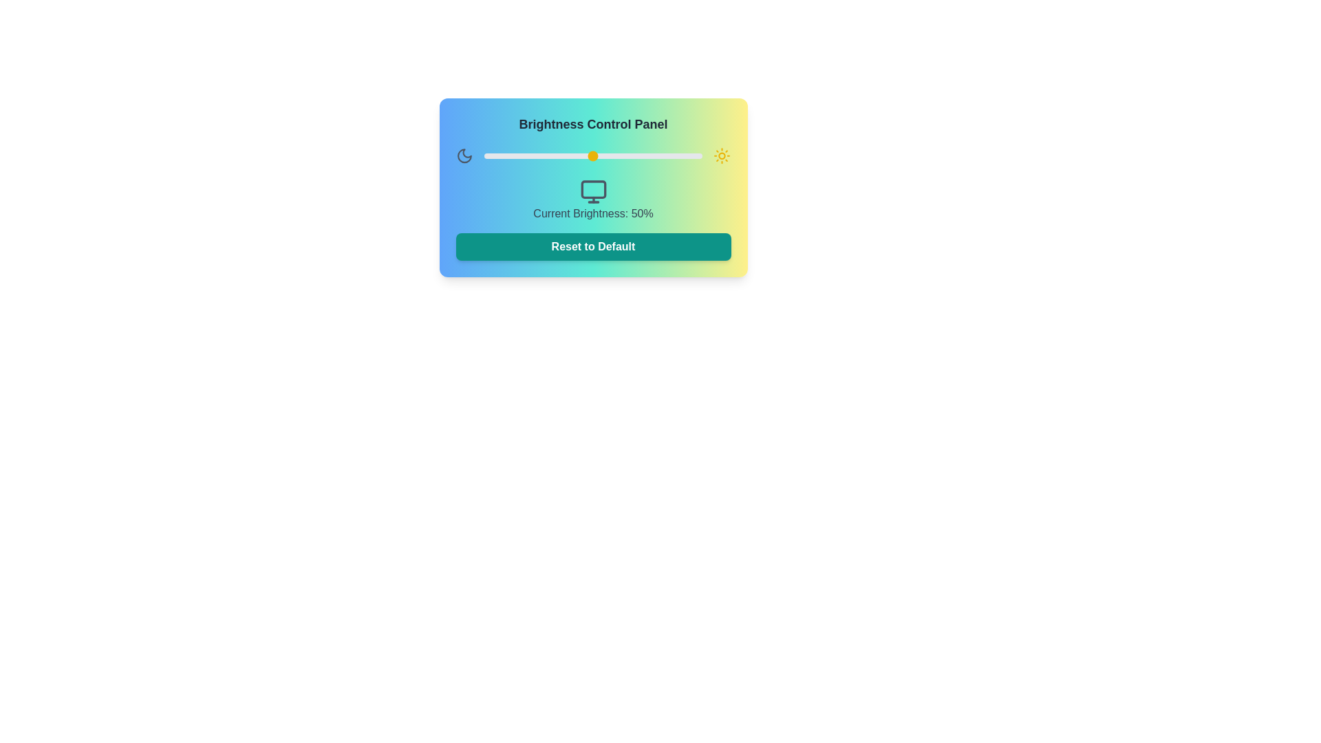 Image resolution: width=1321 pixels, height=743 pixels. I want to click on the brightness level, so click(674, 155).